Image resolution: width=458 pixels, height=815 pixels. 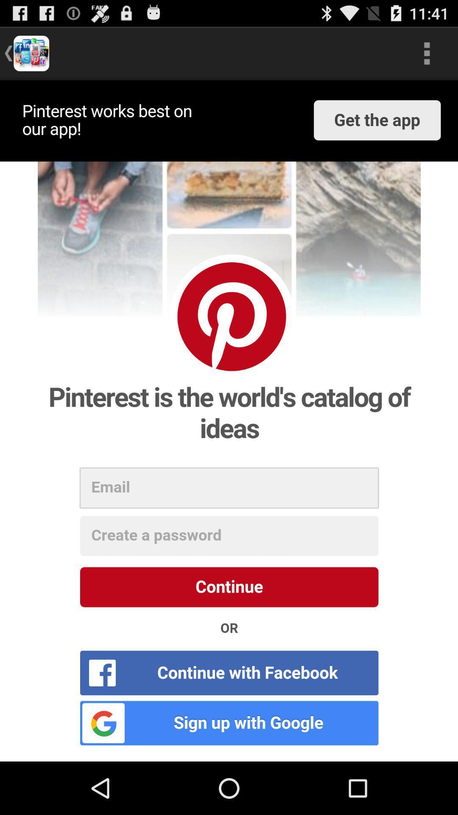 What do you see at coordinates (229, 421) in the screenshot?
I see `log in to app` at bounding box center [229, 421].